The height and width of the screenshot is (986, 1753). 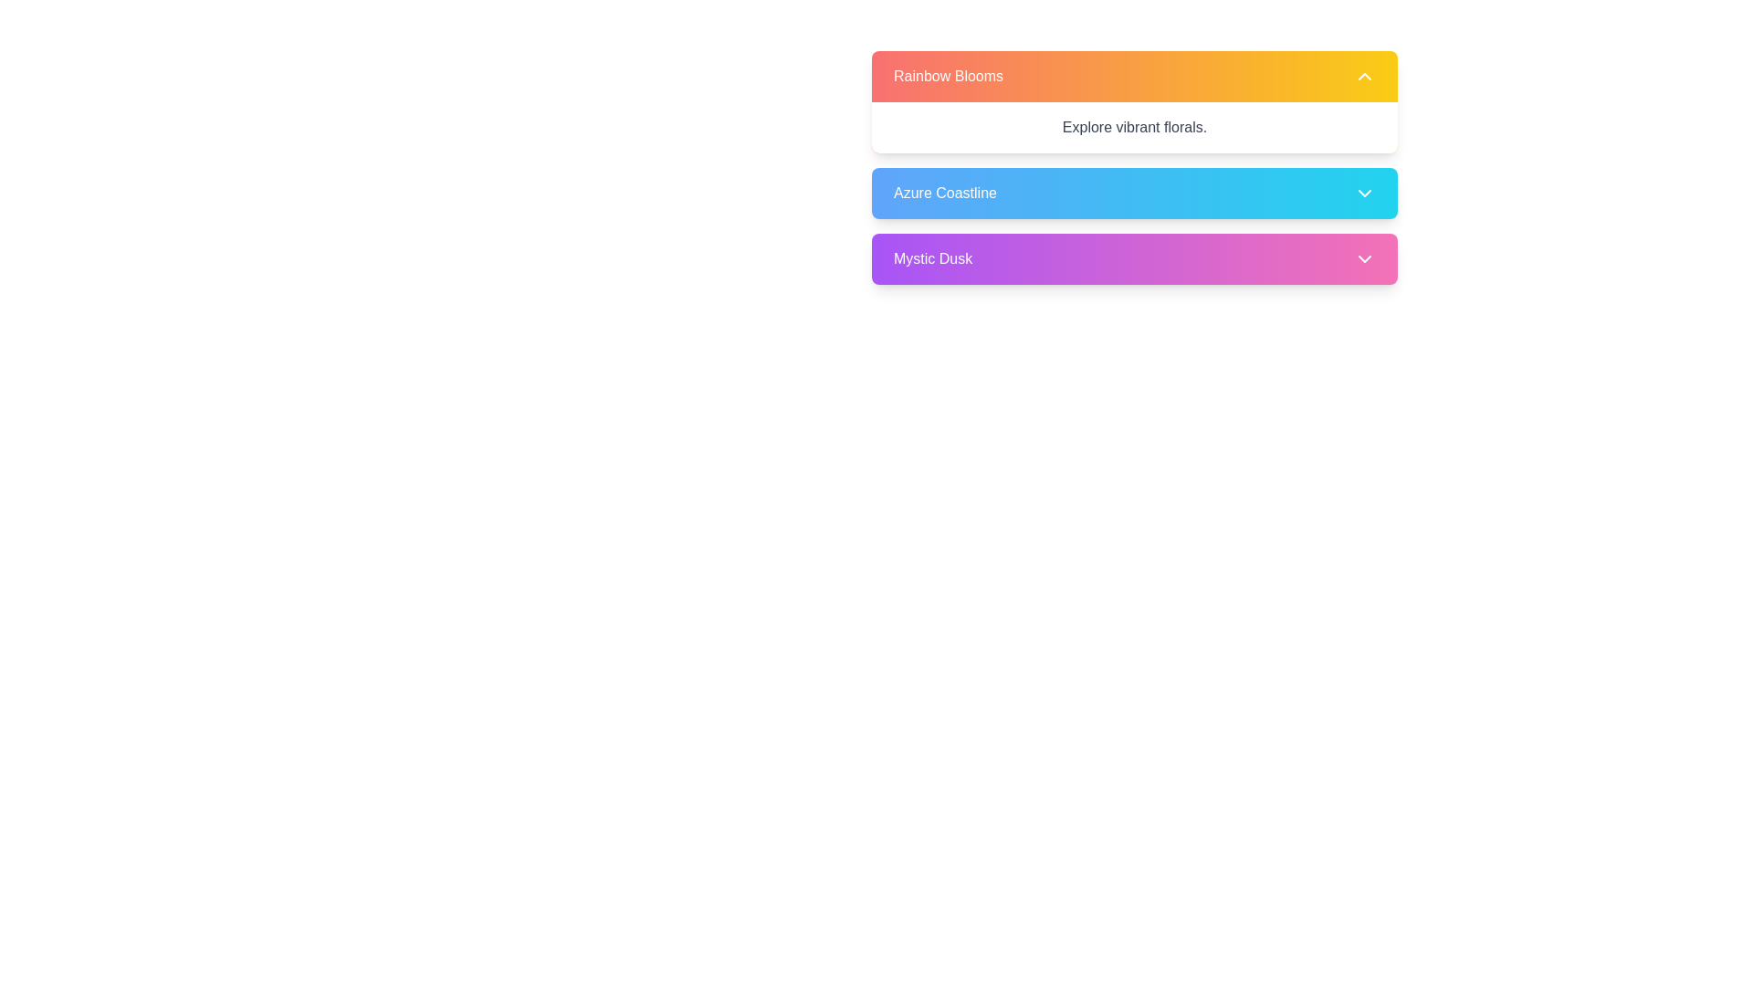 What do you see at coordinates (1134, 126) in the screenshot?
I see `the Text block that provides descriptive information related to the 'Rainbow Blooms' section, located directly below the 'Rainbow Blooms' header` at bounding box center [1134, 126].